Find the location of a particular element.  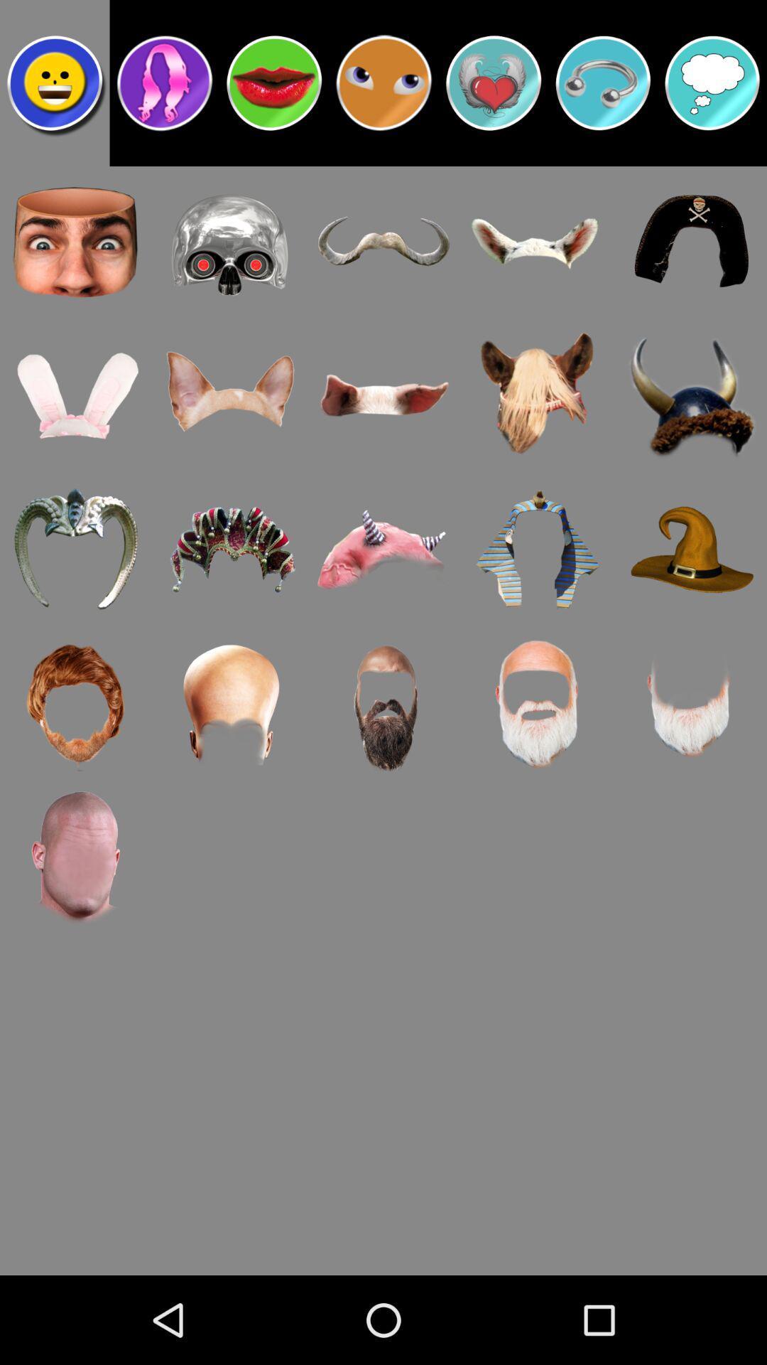

the heart symbol option is located at coordinates (493, 82).